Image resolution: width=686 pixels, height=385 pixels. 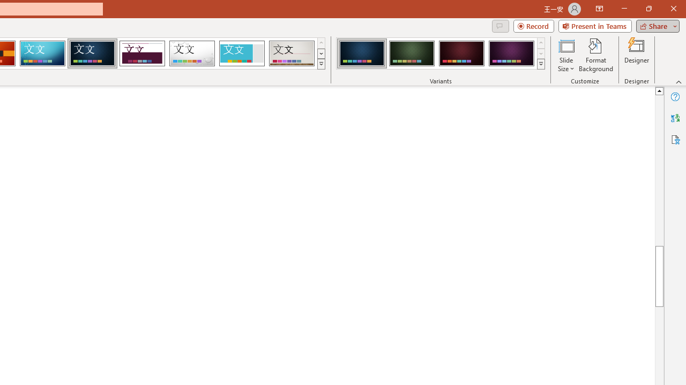 What do you see at coordinates (511, 53) in the screenshot?
I see `'Damask Variant 4'` at bounding box center [511, 53].